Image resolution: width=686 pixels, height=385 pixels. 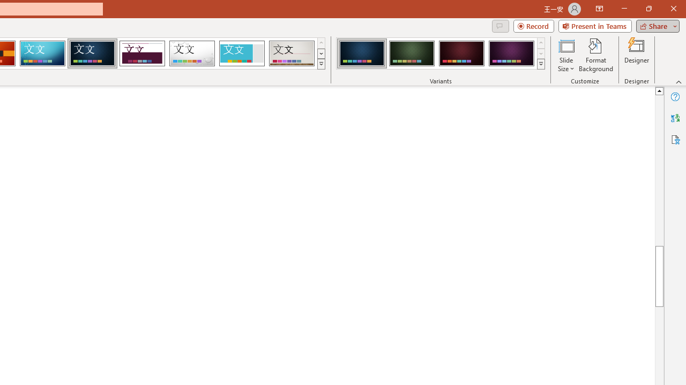 What do you see at coordinates (511, 53) in the screenshot?
I see `'Damask Variant 4'` at bounding box center [511, 53].